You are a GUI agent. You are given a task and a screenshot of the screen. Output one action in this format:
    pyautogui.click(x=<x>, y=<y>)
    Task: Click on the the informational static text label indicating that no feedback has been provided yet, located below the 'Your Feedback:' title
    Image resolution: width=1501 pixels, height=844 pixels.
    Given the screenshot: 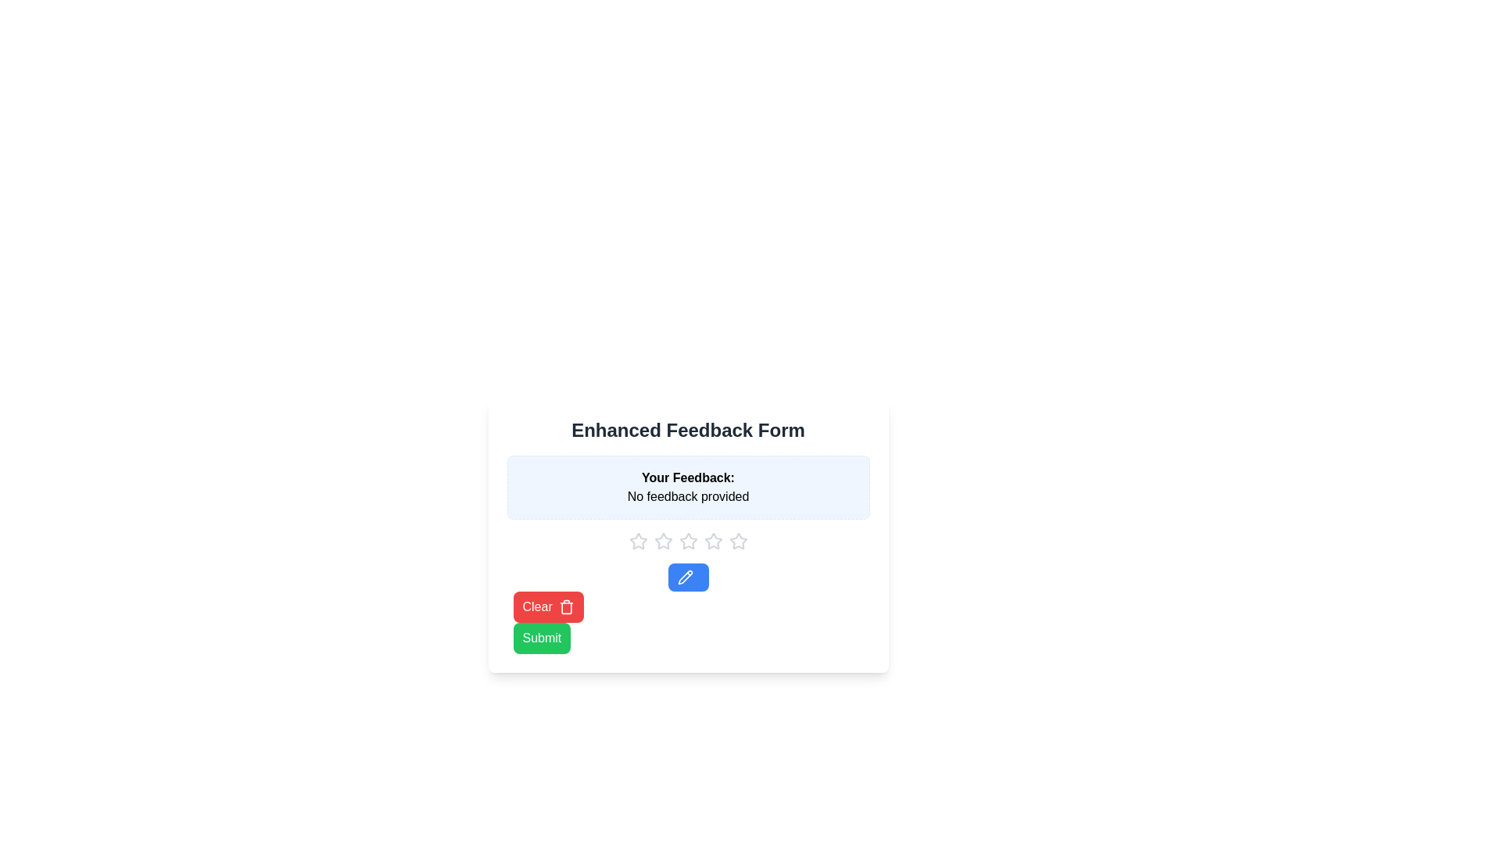 What is the action you would take?
    pyautogui.click(x=688, y=497)
    